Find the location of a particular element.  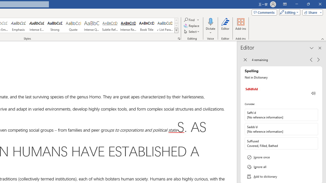

'Subtle Reference' is located at coordinates (110, 25).